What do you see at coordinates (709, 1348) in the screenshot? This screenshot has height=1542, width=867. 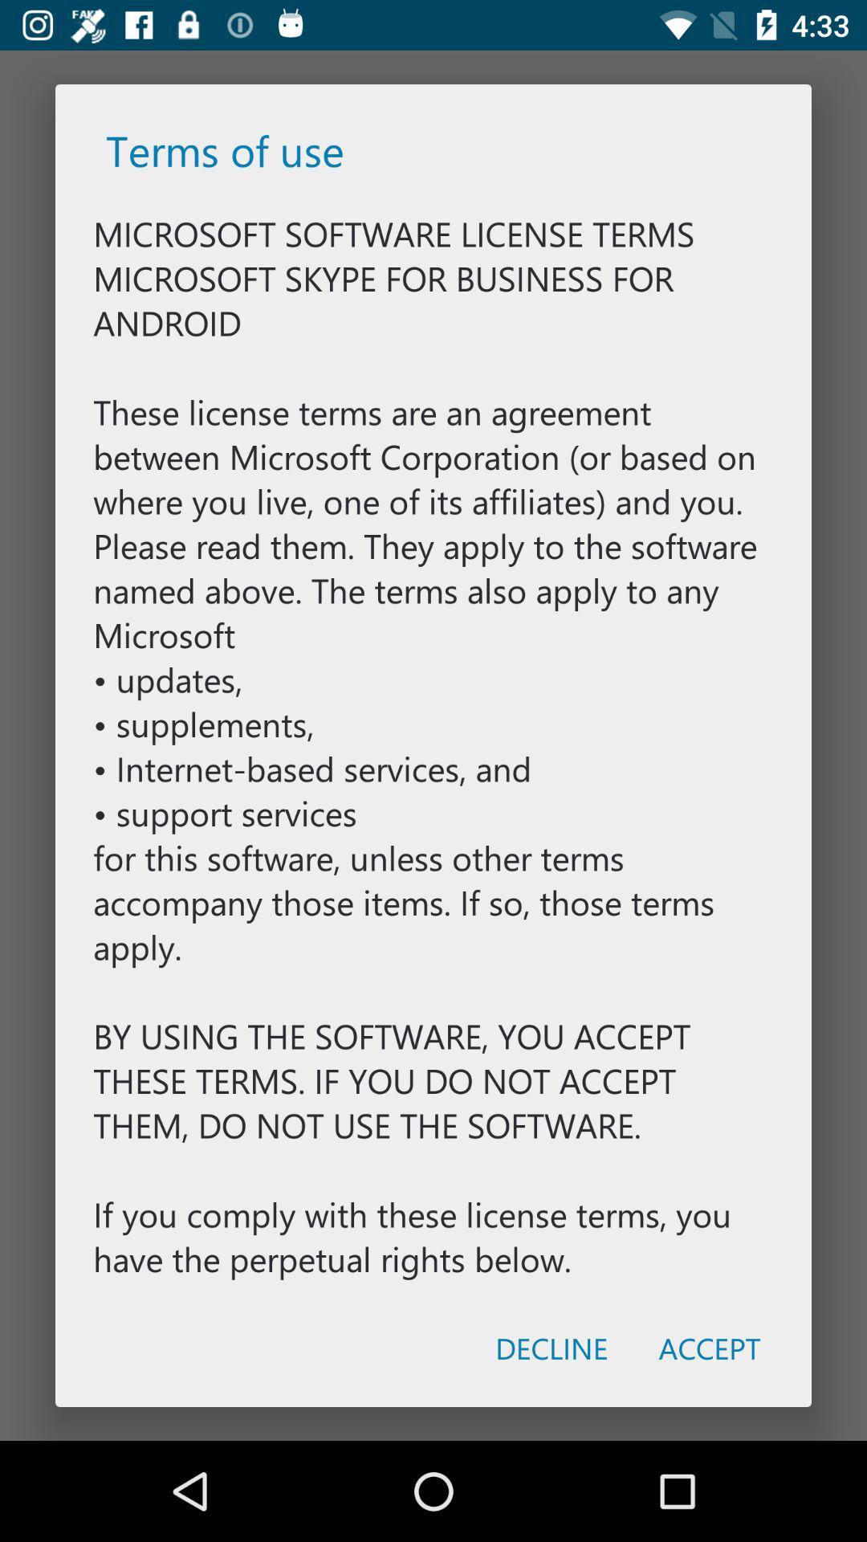 I see `app below the microsoft software license icon` at bounding box center [709, 1348].